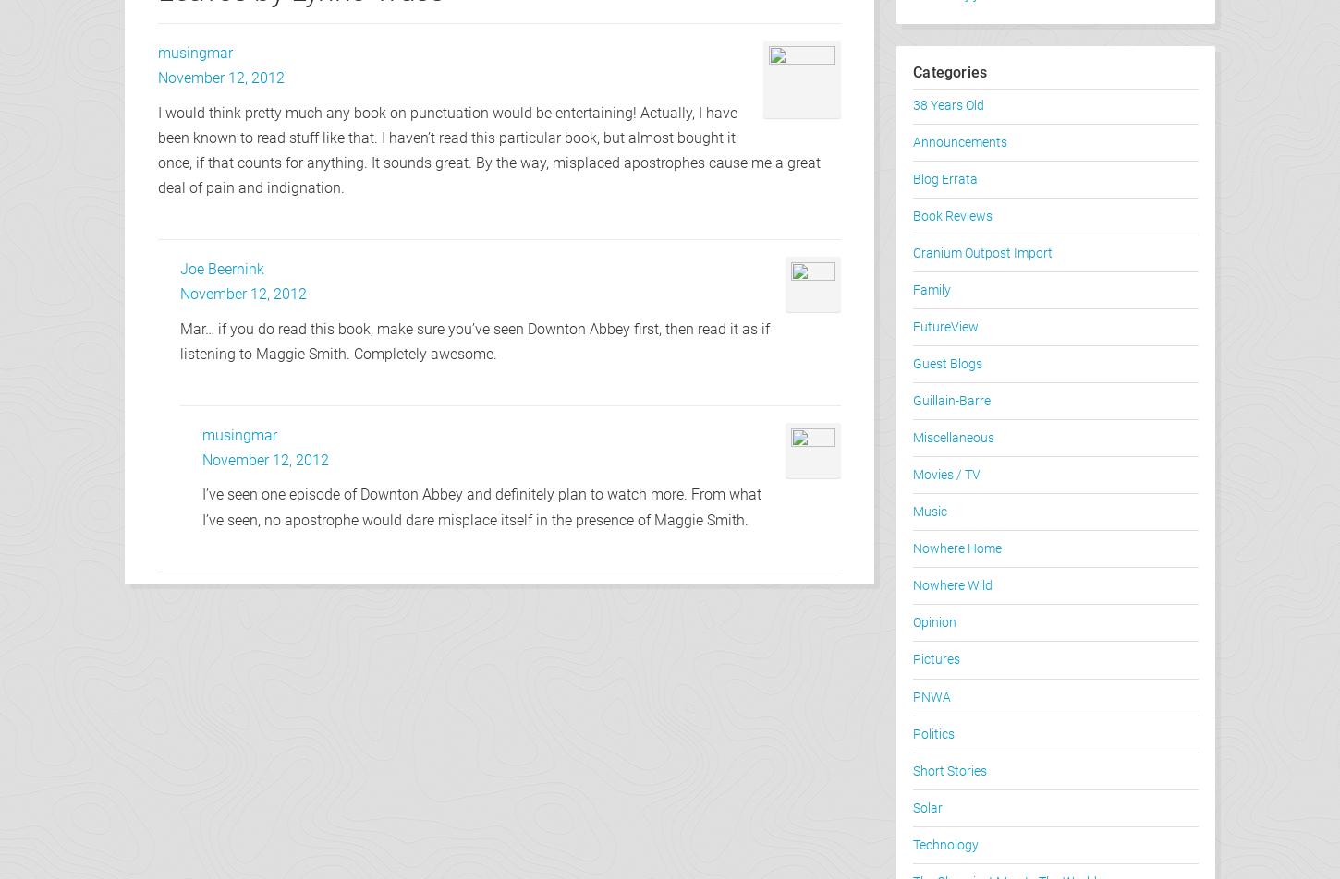  What do you see at coordinates (960, 141) in the screenshot?
I see `'Announcements'` at bounding box center [960, 141].